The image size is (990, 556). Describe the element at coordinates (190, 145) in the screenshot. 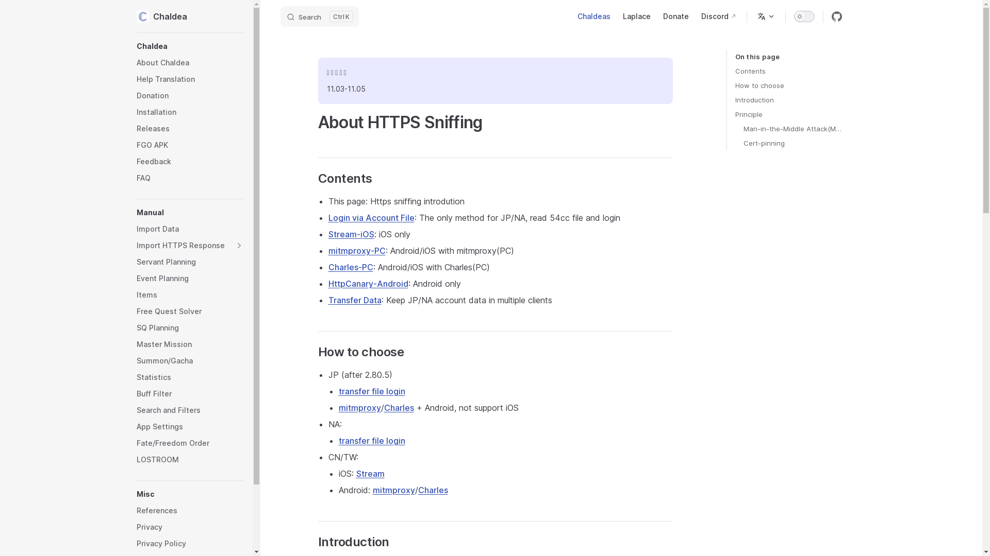

I see `'FGO APK'` at that location.